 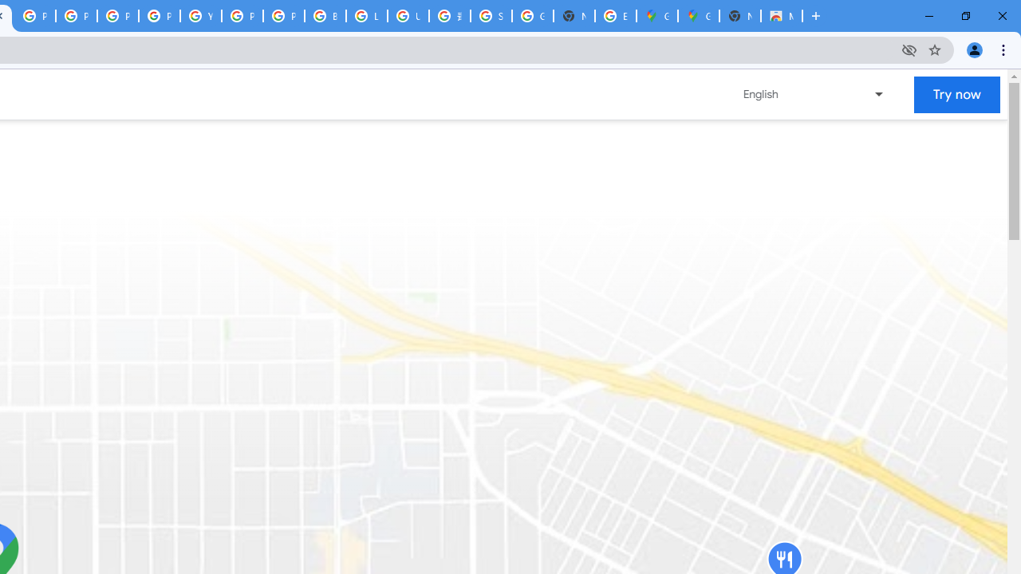 I want to click on 'Change language or region', so click(x=814, y=94).